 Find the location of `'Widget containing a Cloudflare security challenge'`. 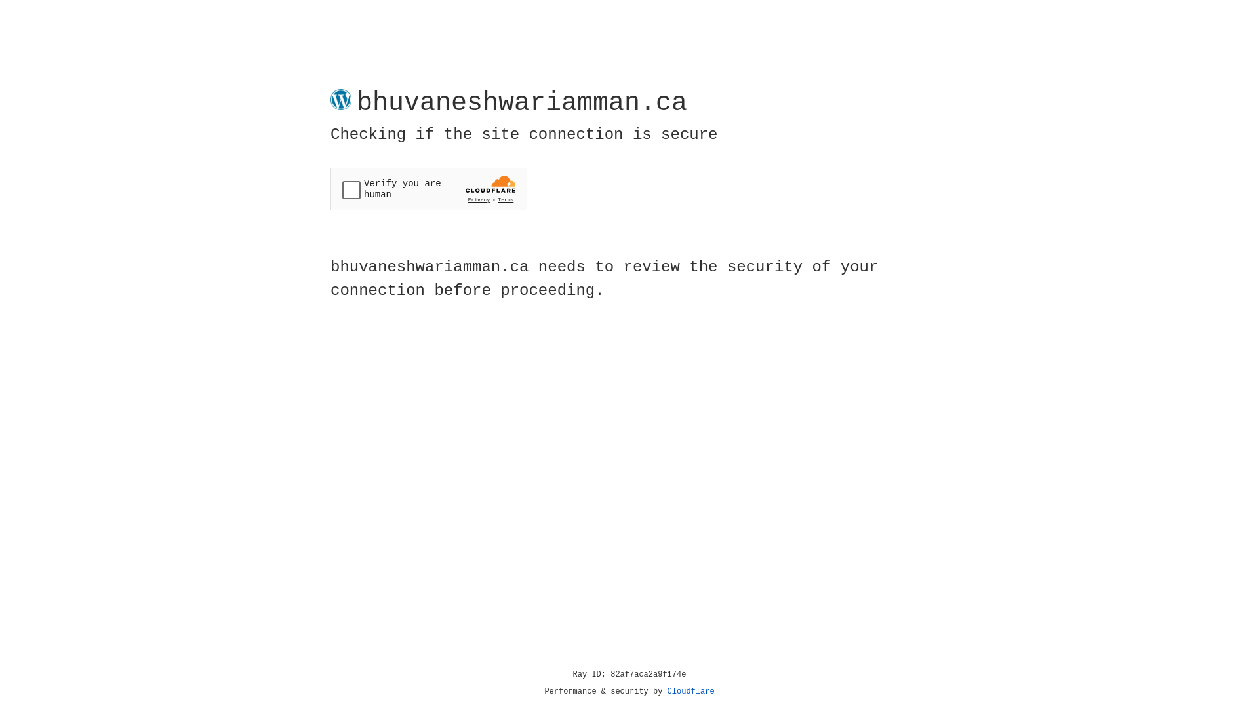

'Widget containing a Cloudflare security challenge' is located at coordinates (428, 189).